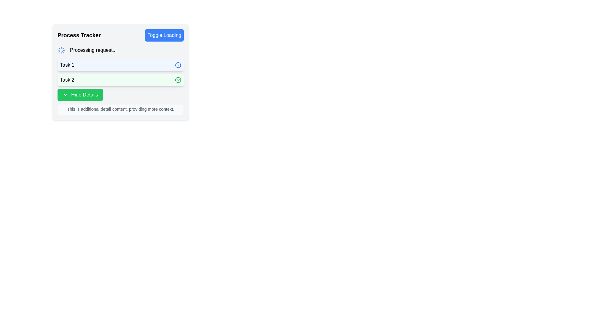 This screenshot has height=335, width=597. What do you see at coordinates (61, 50) in the screenshot?
I see `the Loading Spinner, which serves as a visual indicator for ongoing processes, located to the left of the text 'Processing request...' in the 'Process Tracker' section` at bounding box center [61, 50].